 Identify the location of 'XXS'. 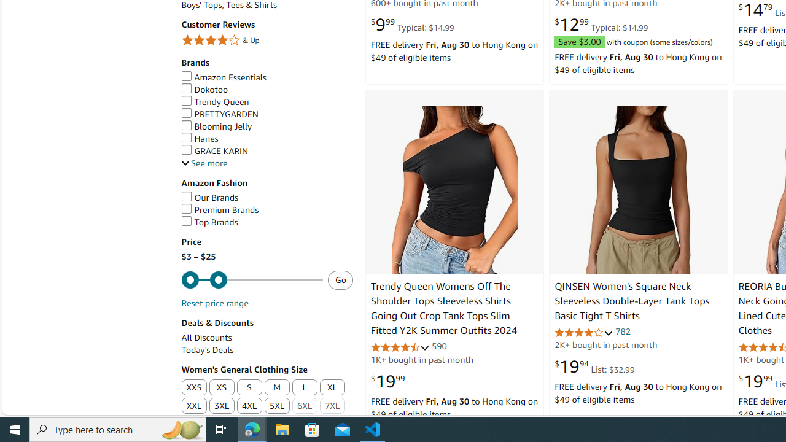
(193, 388).